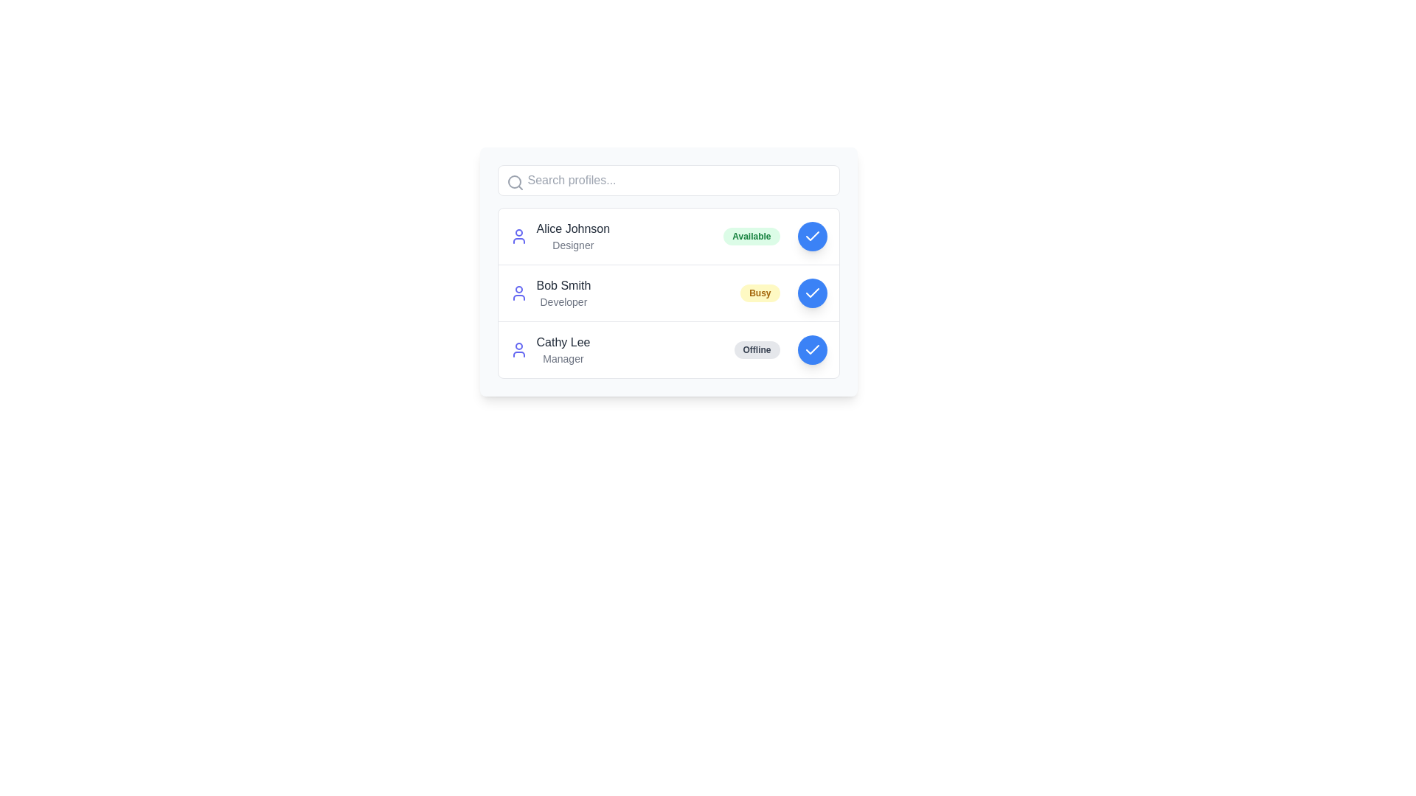  What do you see at coordinates (563, 286) in the screenshot?
I see `the text label displaying the name of the individual in the second row of the user profiles list` at bounding box center [563, 286].